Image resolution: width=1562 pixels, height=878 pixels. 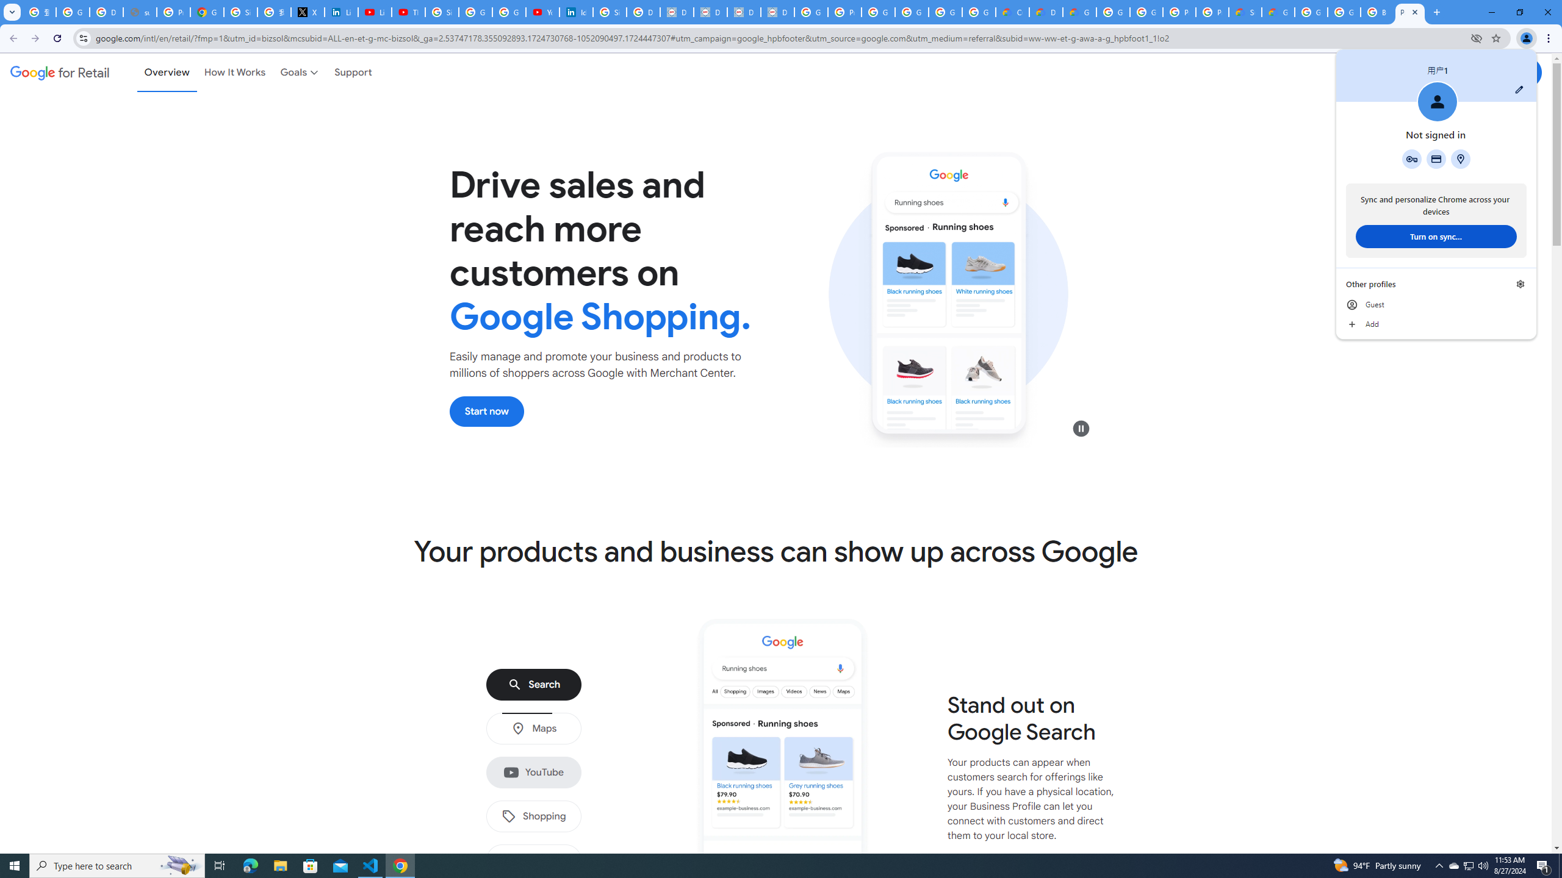 I want to click on 'Customer Care | Google Cloud', so click(x=1012, y=12).